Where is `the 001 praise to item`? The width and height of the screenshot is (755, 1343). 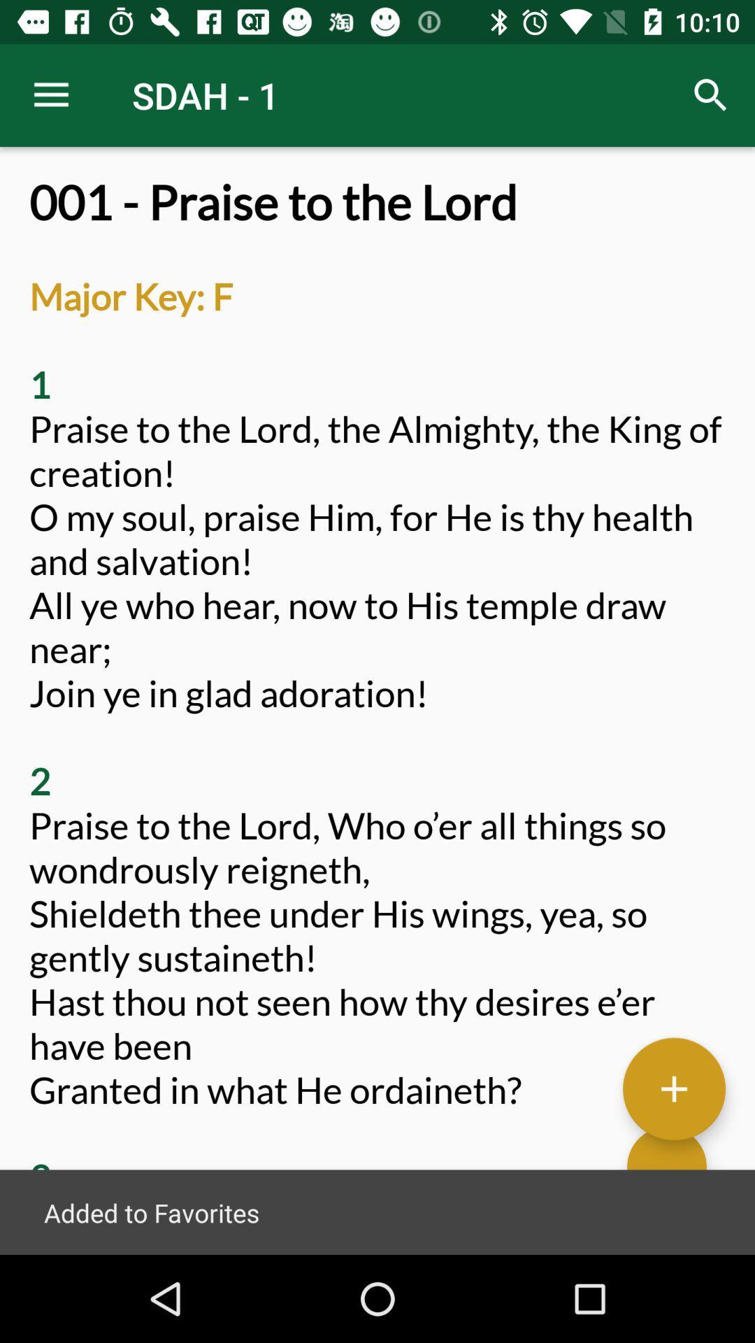 the 001 praise to item is located at coordinates (377, 715).